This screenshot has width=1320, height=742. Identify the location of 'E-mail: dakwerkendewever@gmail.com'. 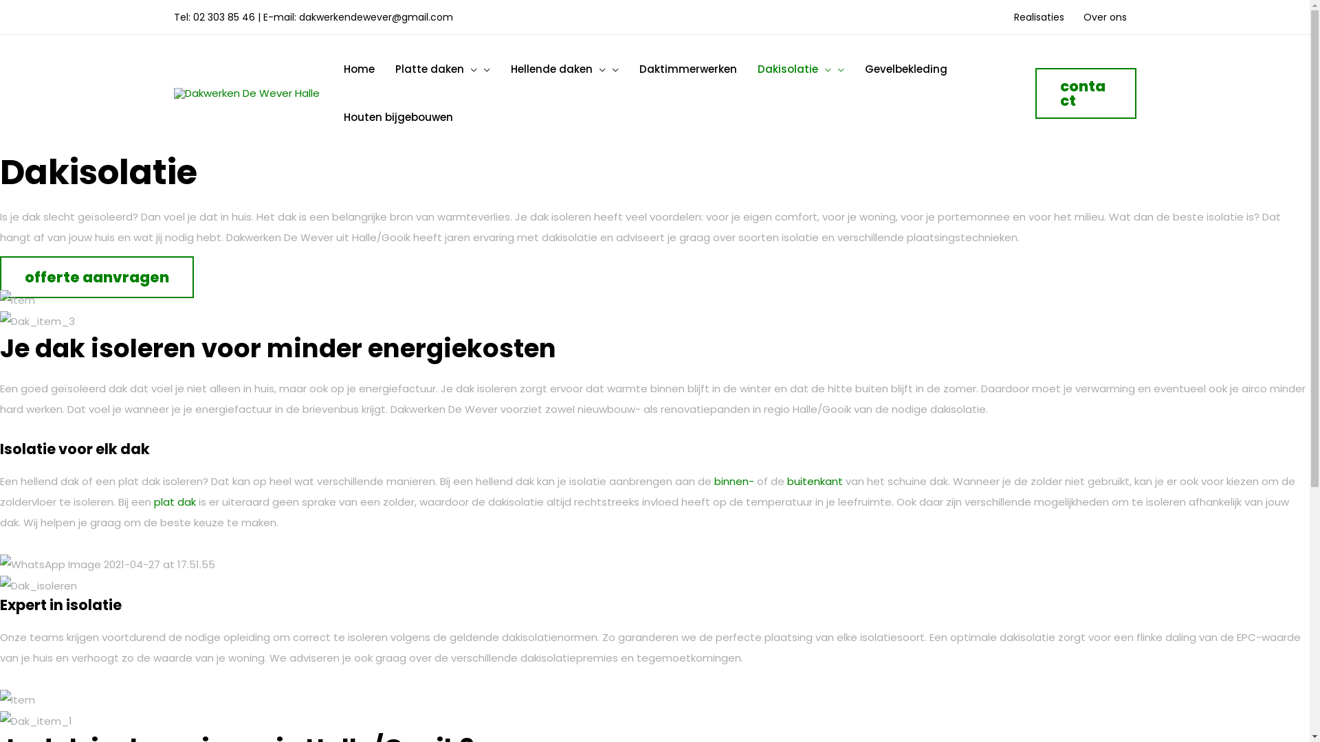
(263, 16).